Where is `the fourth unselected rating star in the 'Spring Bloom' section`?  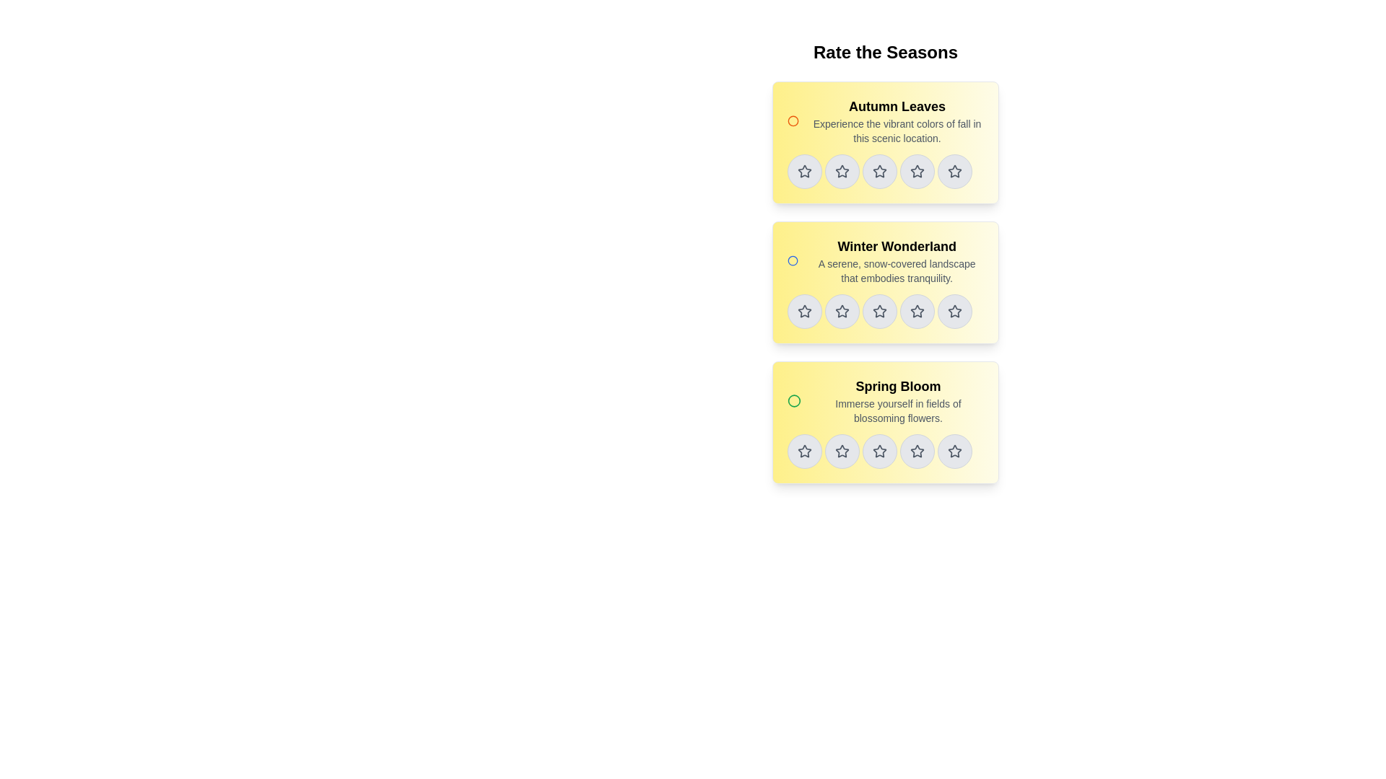
the fourth unselected rating star in the 'Spring Bloom' section is located at coordinates (917, 450).